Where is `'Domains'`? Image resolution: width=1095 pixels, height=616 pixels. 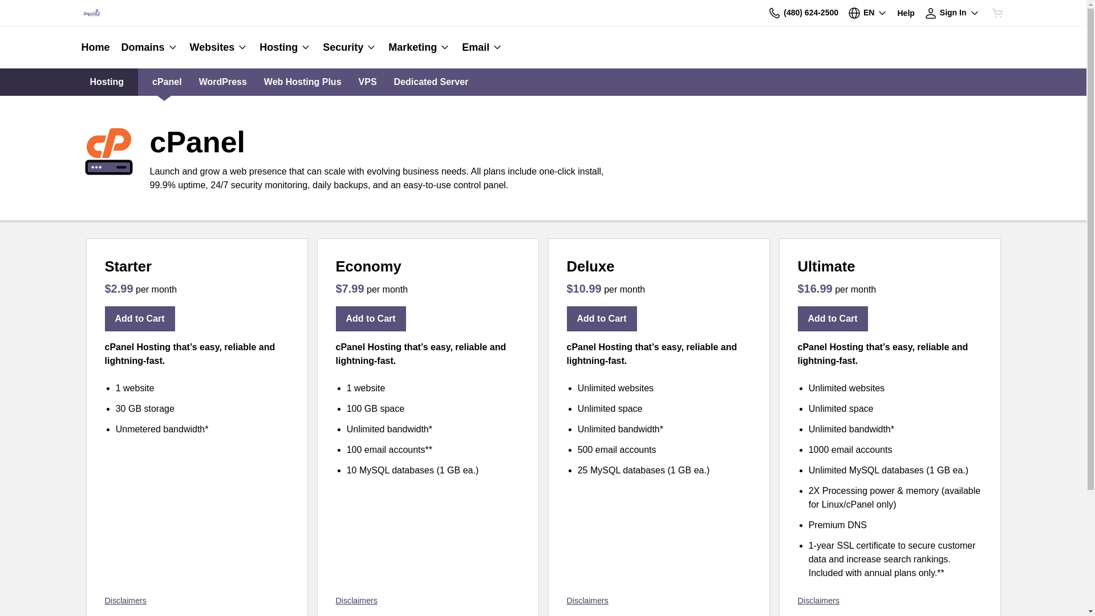 'Domains' is located at coordinates (149, 47).